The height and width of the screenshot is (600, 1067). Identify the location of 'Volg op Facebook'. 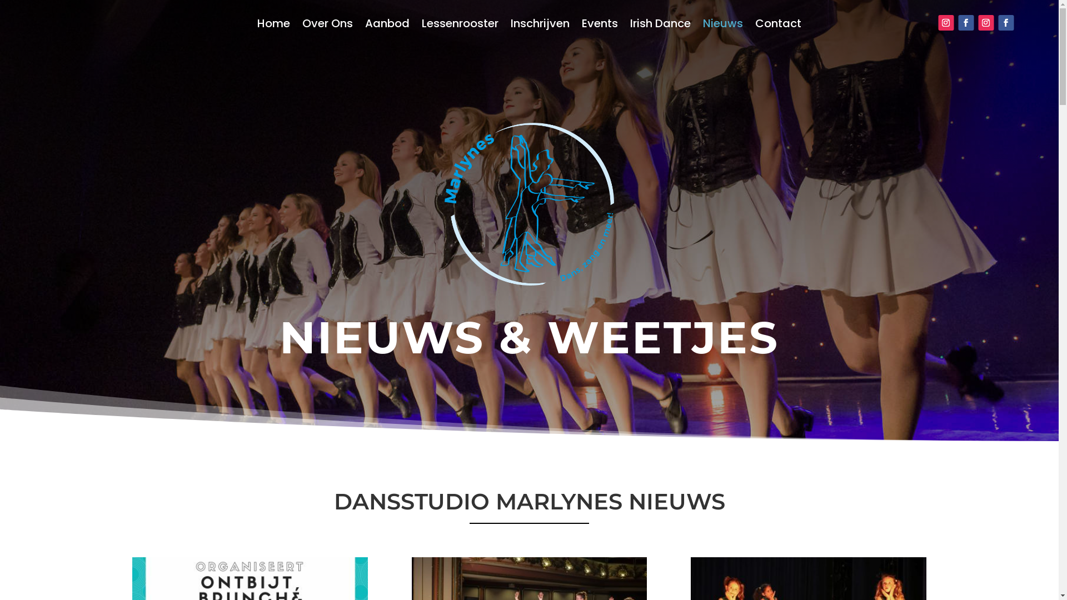
(1005, 23).